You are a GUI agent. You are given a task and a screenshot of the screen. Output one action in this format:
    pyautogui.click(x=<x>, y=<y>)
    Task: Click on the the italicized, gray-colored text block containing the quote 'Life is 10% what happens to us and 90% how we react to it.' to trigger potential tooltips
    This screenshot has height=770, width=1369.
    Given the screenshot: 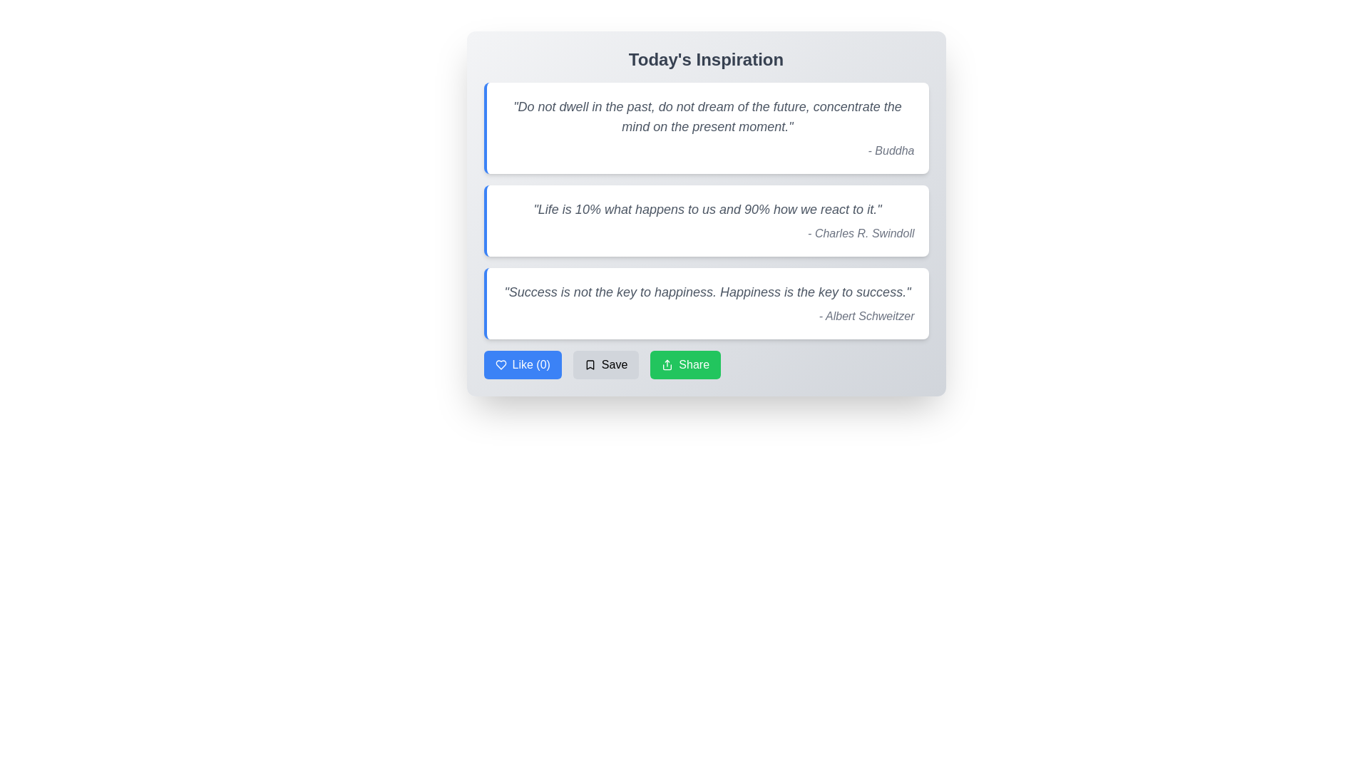 What is the action you would take?
    pyautogui.click(x=707, y=209)
    